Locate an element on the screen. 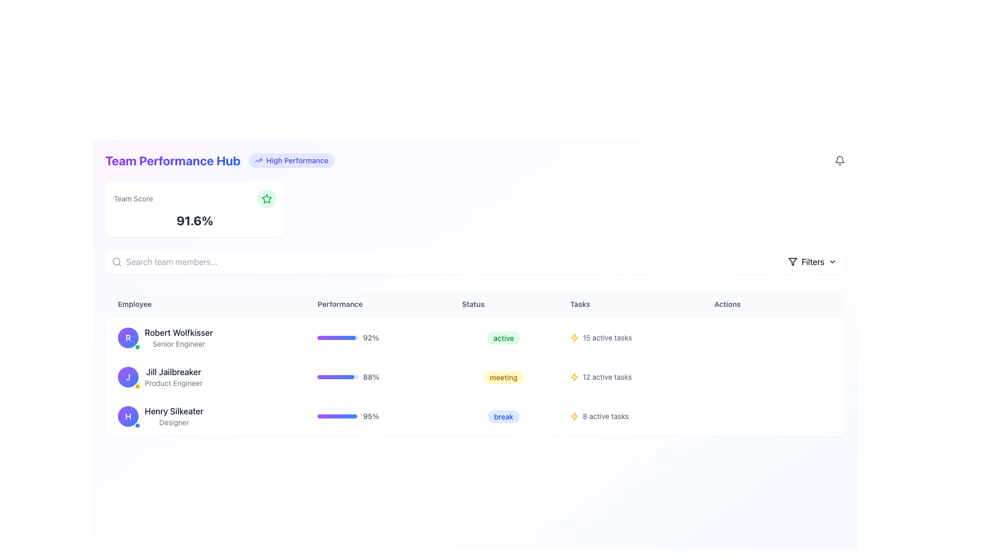  the 'Filters' text label located near the top-right corner of the application interface, adjacent to the dropdown arrow icon and filter icon is located at coordinates (812, 261).